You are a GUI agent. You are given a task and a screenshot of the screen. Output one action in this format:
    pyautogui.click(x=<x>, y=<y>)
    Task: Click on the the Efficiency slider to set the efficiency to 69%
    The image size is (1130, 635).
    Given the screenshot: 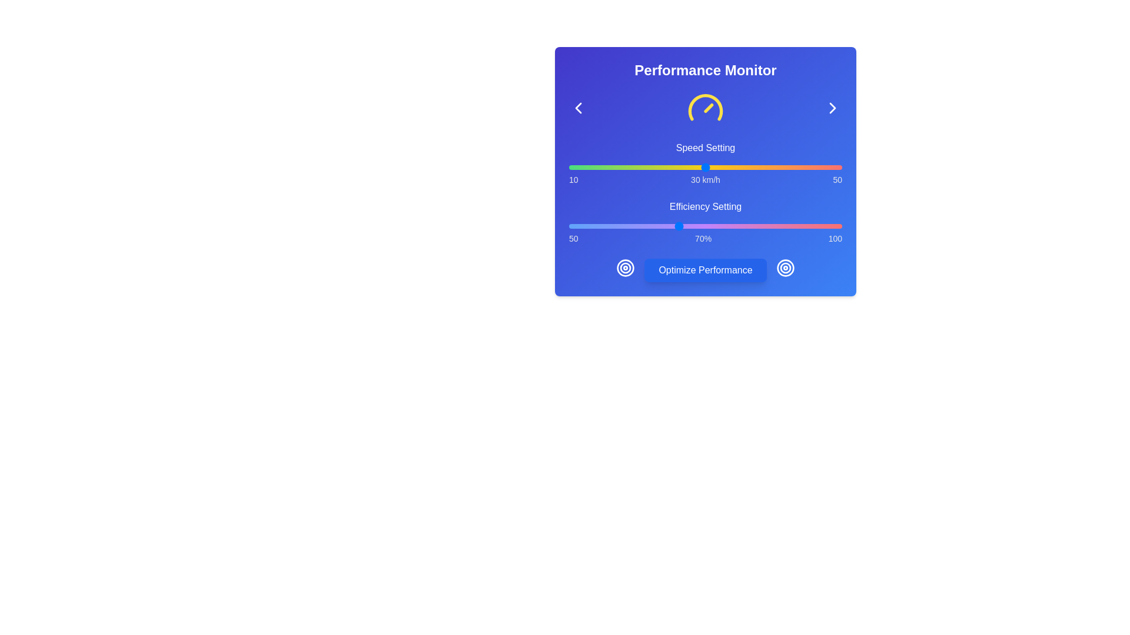 What is the action you would take?
    pyautogui.click(x=673, y=226)
    